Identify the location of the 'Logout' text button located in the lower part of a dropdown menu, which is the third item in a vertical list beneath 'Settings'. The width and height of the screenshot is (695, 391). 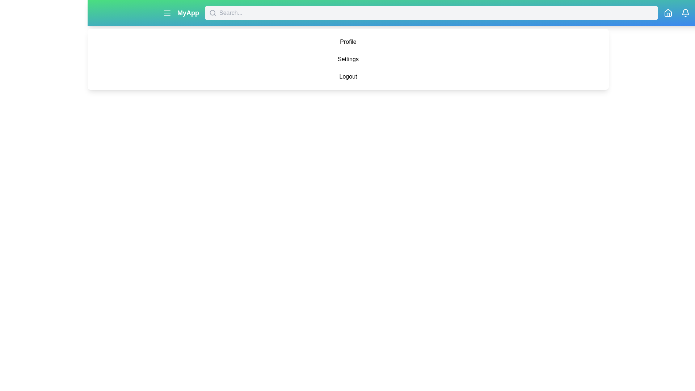
(348, 77).